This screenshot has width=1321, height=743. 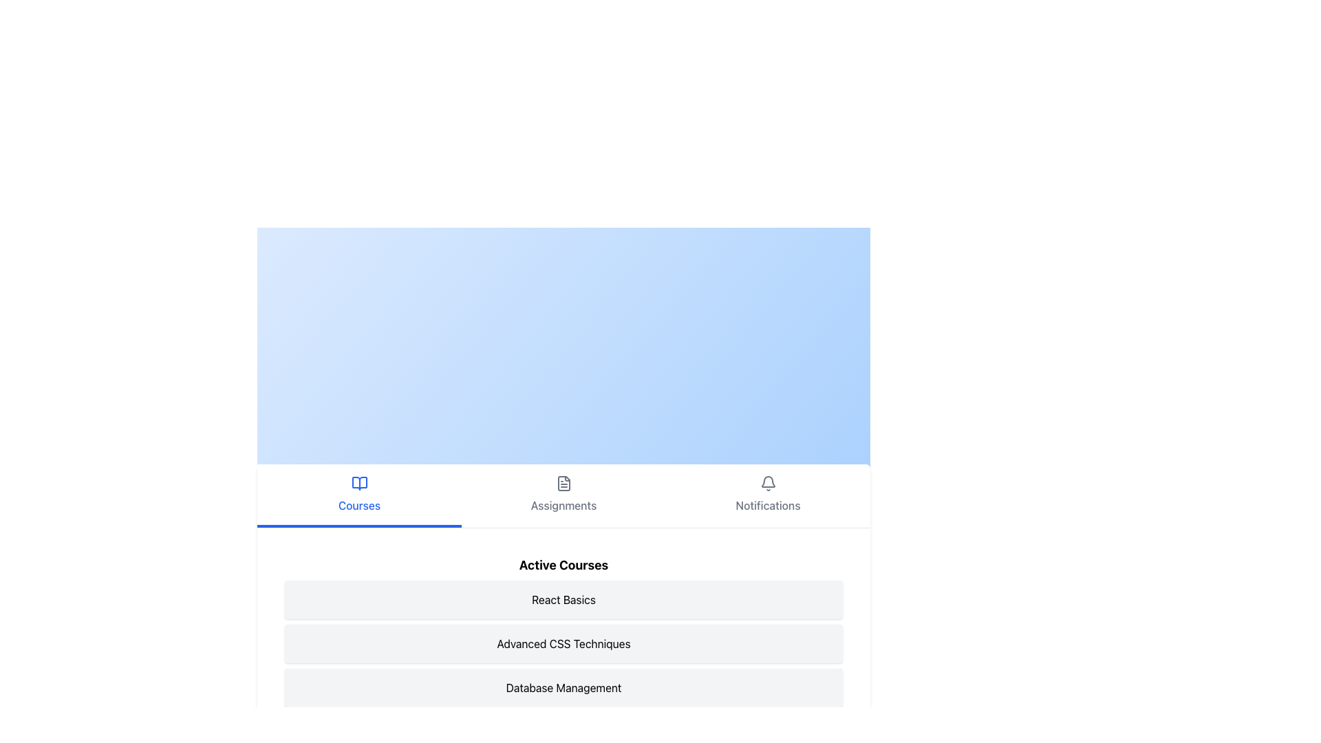 I want to click on the 'React Basics' course listed in the Active Courses section of the tabbed interface, so click(x=563, y=599).